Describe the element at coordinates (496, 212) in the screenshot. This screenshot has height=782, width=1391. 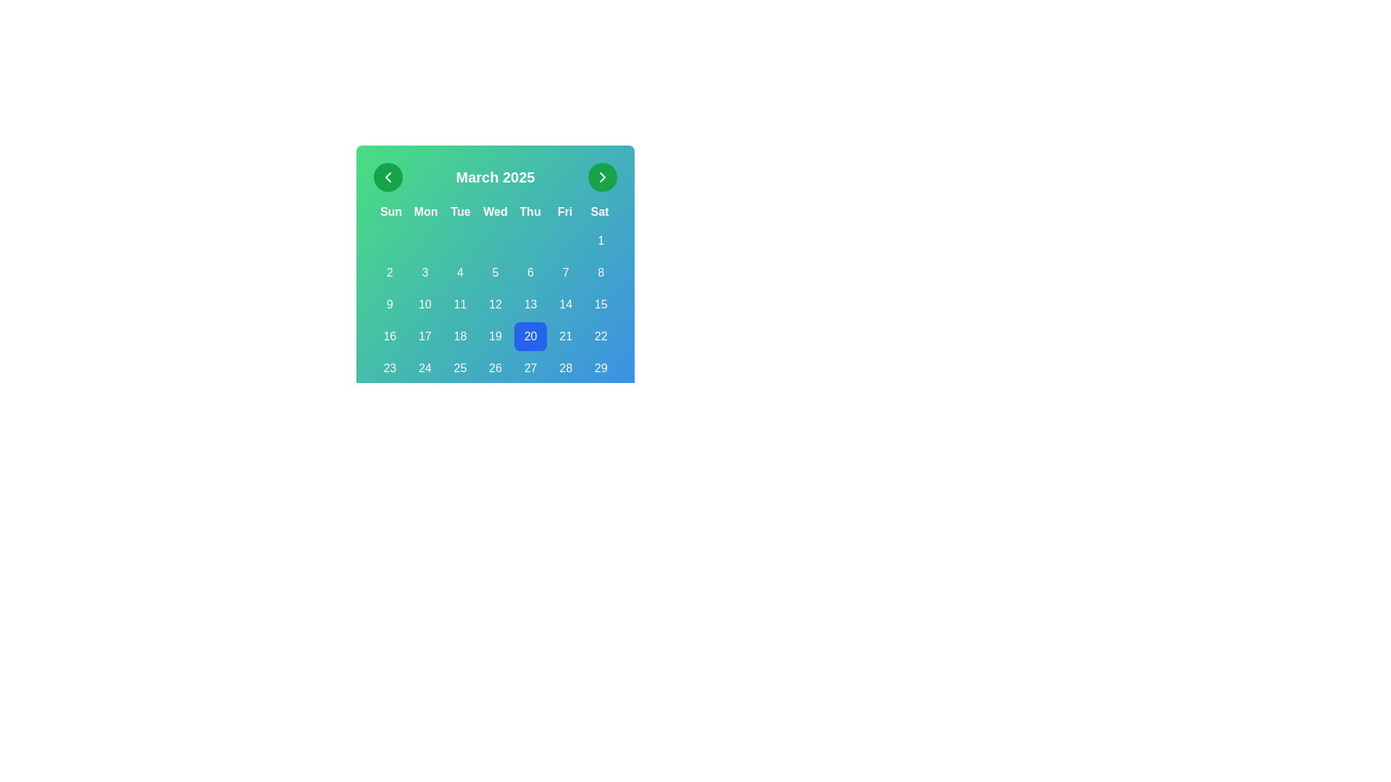
I see `day names from the header row of the calendar grid, which is located under 'March 2025' and above the dates grid` at that location.